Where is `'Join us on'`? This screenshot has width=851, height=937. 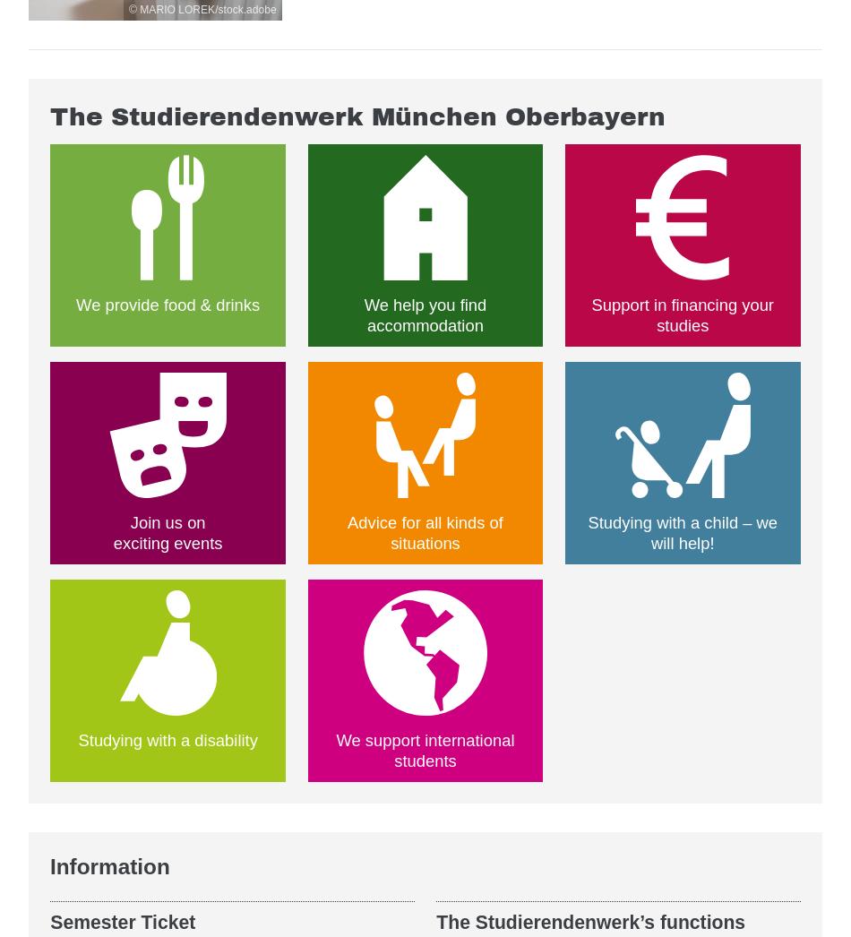 'Join us on' is located at coordinates (167, 521).